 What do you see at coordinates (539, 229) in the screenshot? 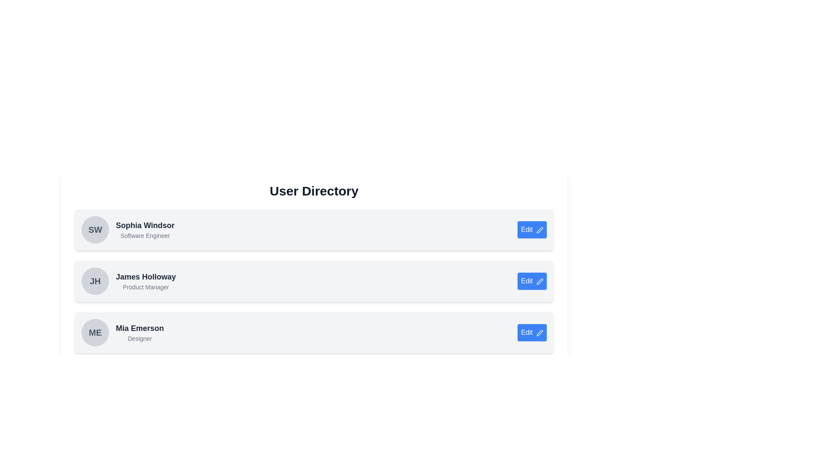
I see `the 'Edit' button which is visually indicated by the pen-like icon located to the right of the text label 'Edit' in the top-right corner of the first user card` at bounding box center [539, 229].